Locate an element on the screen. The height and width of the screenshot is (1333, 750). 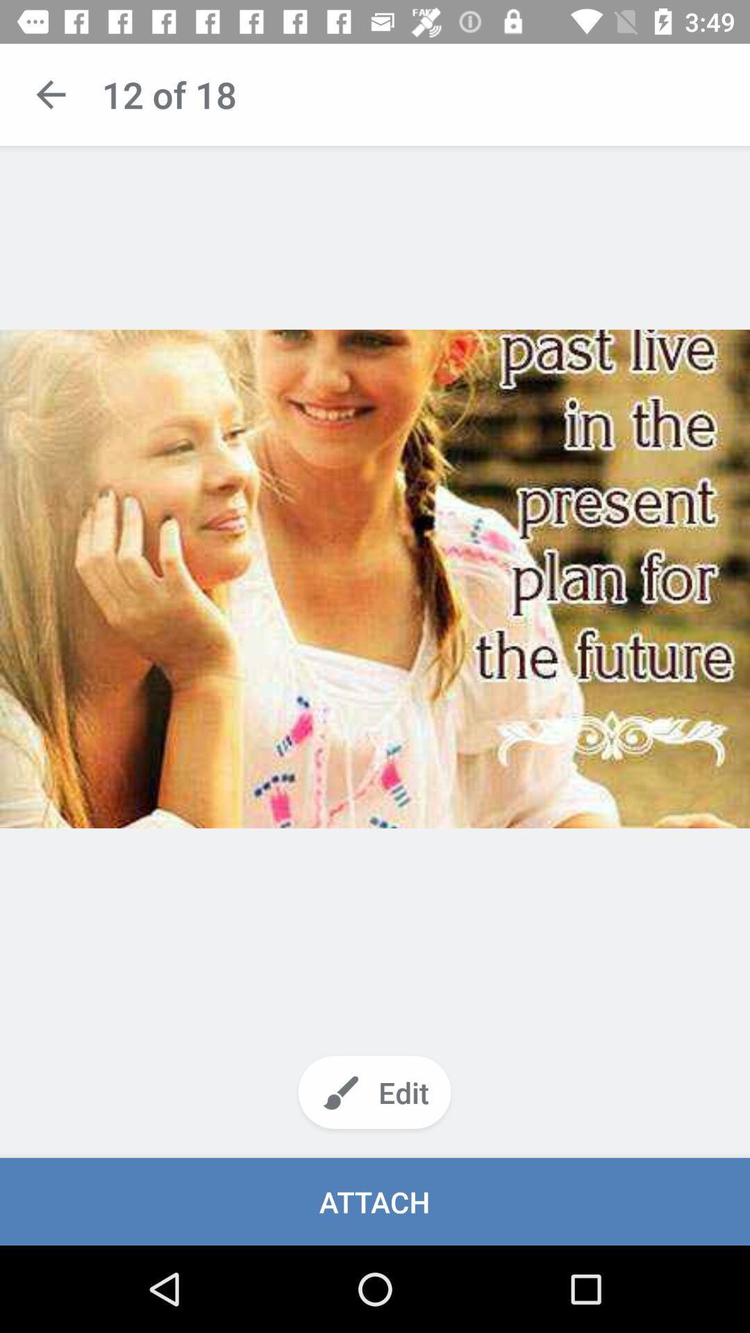
icon to the left of the 12 of 18 icon is located at coordinates (50, 94).